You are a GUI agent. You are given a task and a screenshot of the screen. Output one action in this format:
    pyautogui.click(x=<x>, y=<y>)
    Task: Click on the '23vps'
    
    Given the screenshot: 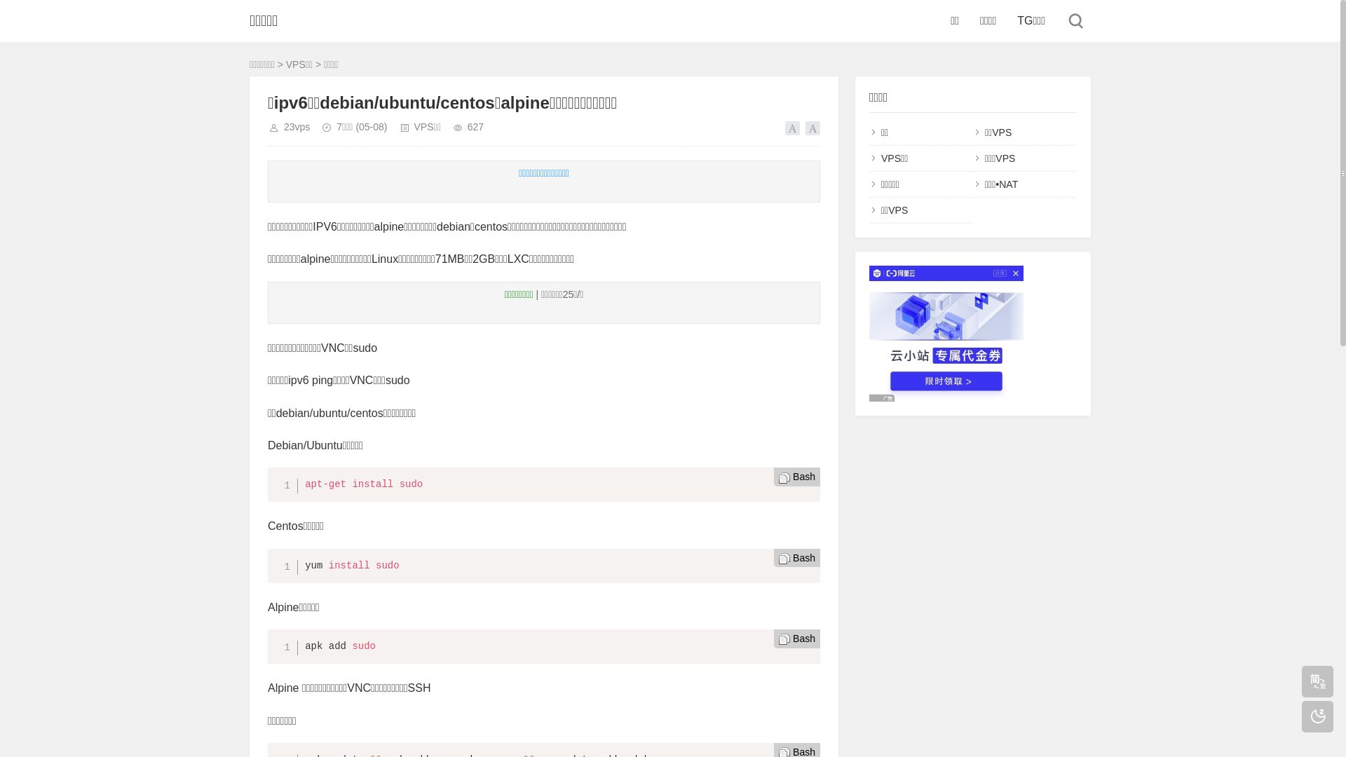 What is the action you would take?
    pyautogui.click(x=296, y=127)
    